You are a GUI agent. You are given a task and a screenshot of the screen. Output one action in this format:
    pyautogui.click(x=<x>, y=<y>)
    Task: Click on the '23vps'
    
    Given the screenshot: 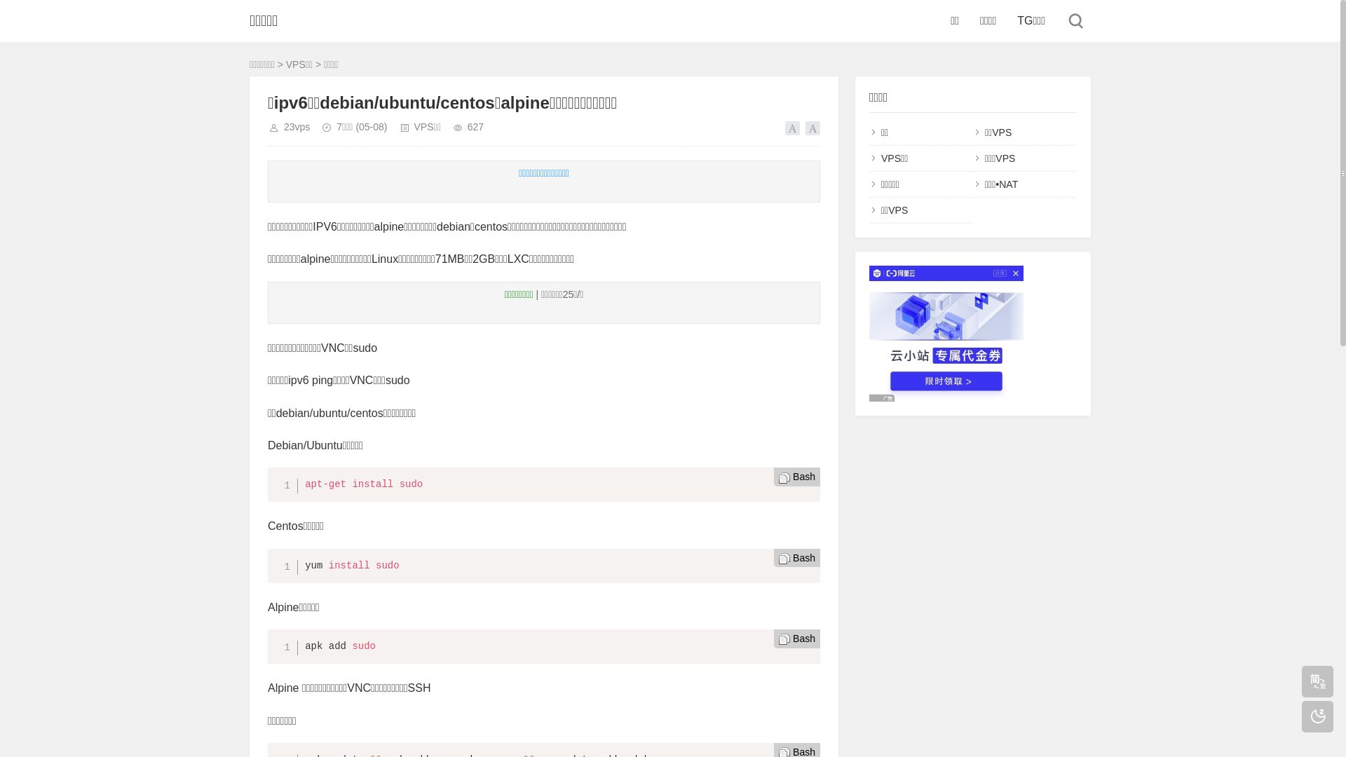 What is the action you would take?
    pyautogui.click(x=296, y=127)
    